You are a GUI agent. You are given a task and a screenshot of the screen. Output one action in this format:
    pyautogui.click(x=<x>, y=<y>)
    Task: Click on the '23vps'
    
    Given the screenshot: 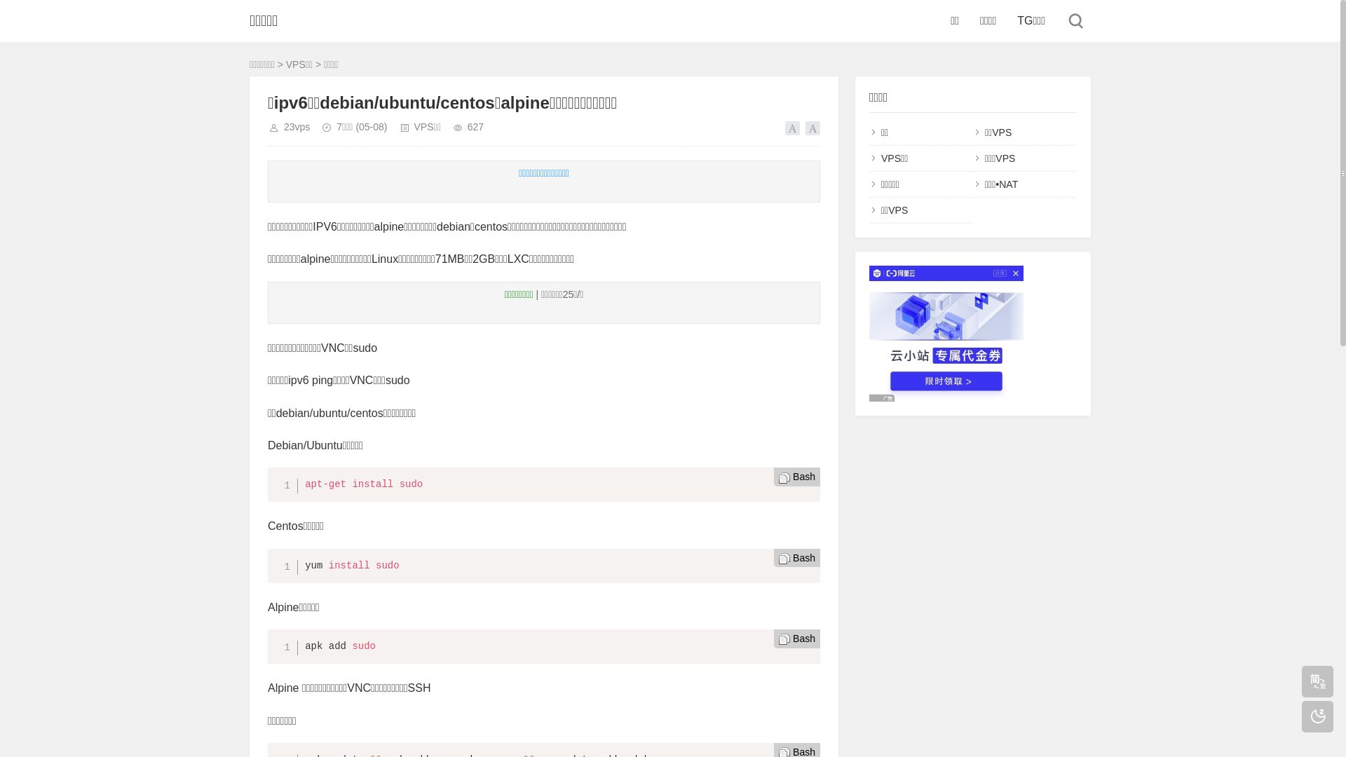 What is the action you would take?
    pyautogui.click(x=296, y=127)
    